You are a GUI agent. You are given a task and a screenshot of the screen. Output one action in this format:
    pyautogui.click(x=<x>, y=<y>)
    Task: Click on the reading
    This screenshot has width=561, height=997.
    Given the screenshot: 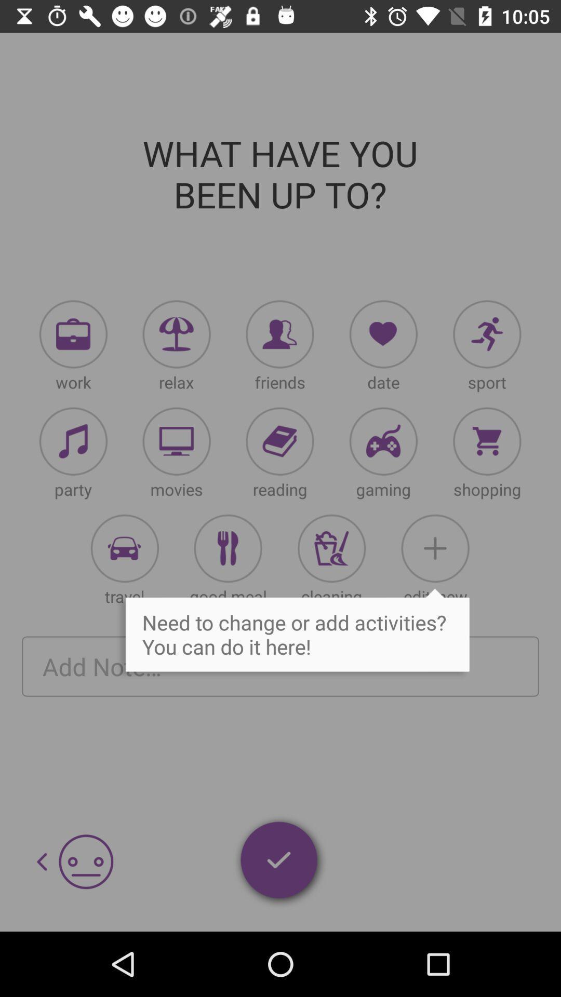 What is the action you would take?
    pyautogui.click(x=279, y=441)
    